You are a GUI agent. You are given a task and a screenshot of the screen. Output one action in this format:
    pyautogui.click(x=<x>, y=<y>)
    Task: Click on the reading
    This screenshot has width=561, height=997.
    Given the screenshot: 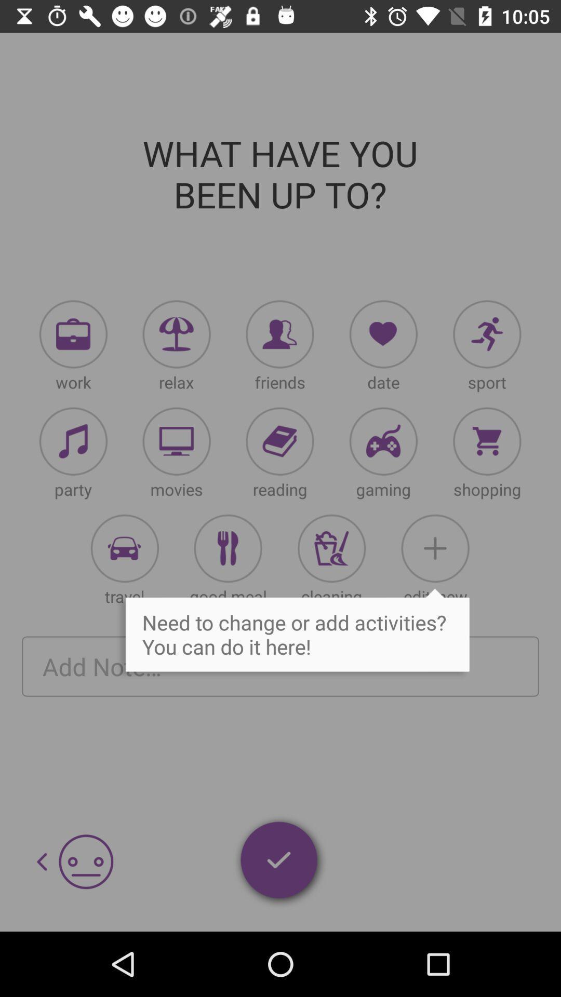 What is the action you would take?
    pyautogui.click(x=279, y=441)
    